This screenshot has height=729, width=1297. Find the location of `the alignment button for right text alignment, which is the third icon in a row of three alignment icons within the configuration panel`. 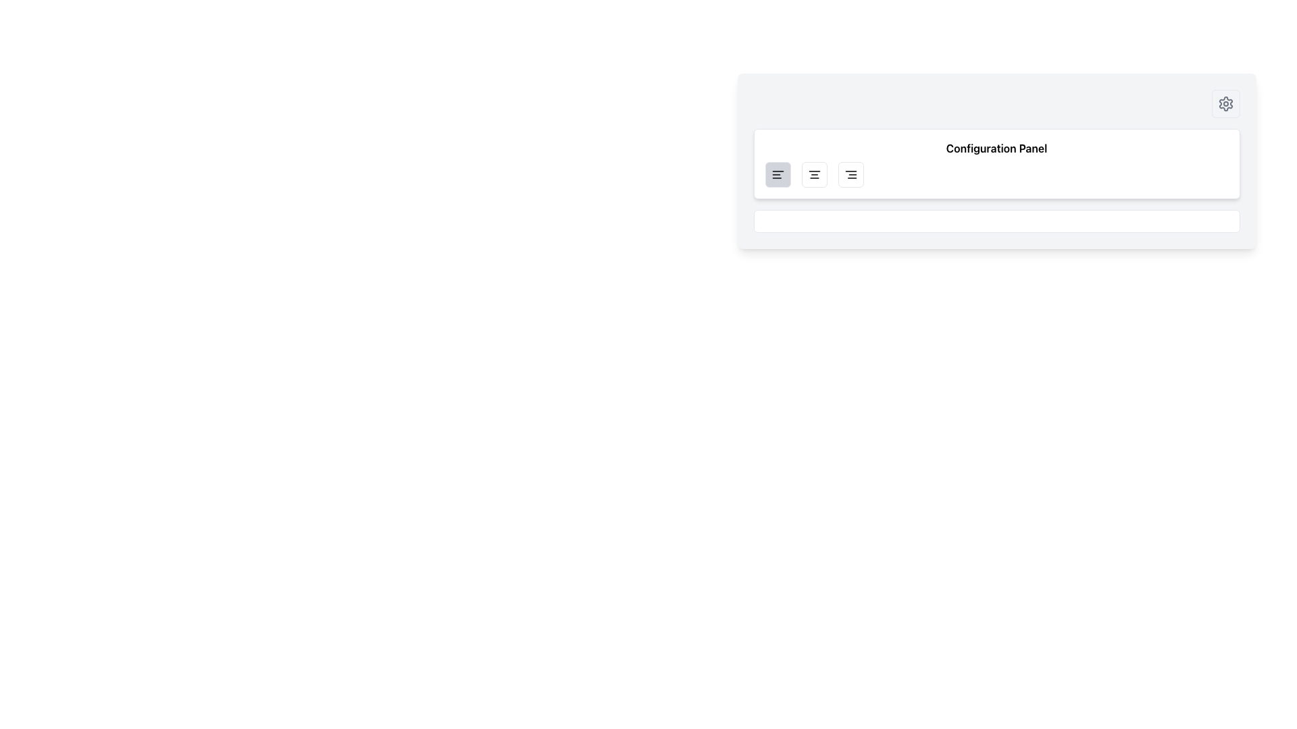

the alignment button for right text alignment, which is the third icon in a row of three alignment icons within the configuration panel is located at coordinates (850, 173).